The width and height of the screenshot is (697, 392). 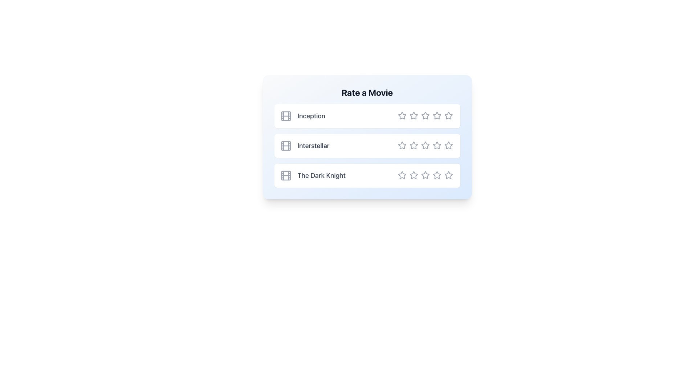 I want to click on the first star-shaped icon in the rating interface for the movie 'Inception' to rate it 1 star, so click(x=402, y=115).